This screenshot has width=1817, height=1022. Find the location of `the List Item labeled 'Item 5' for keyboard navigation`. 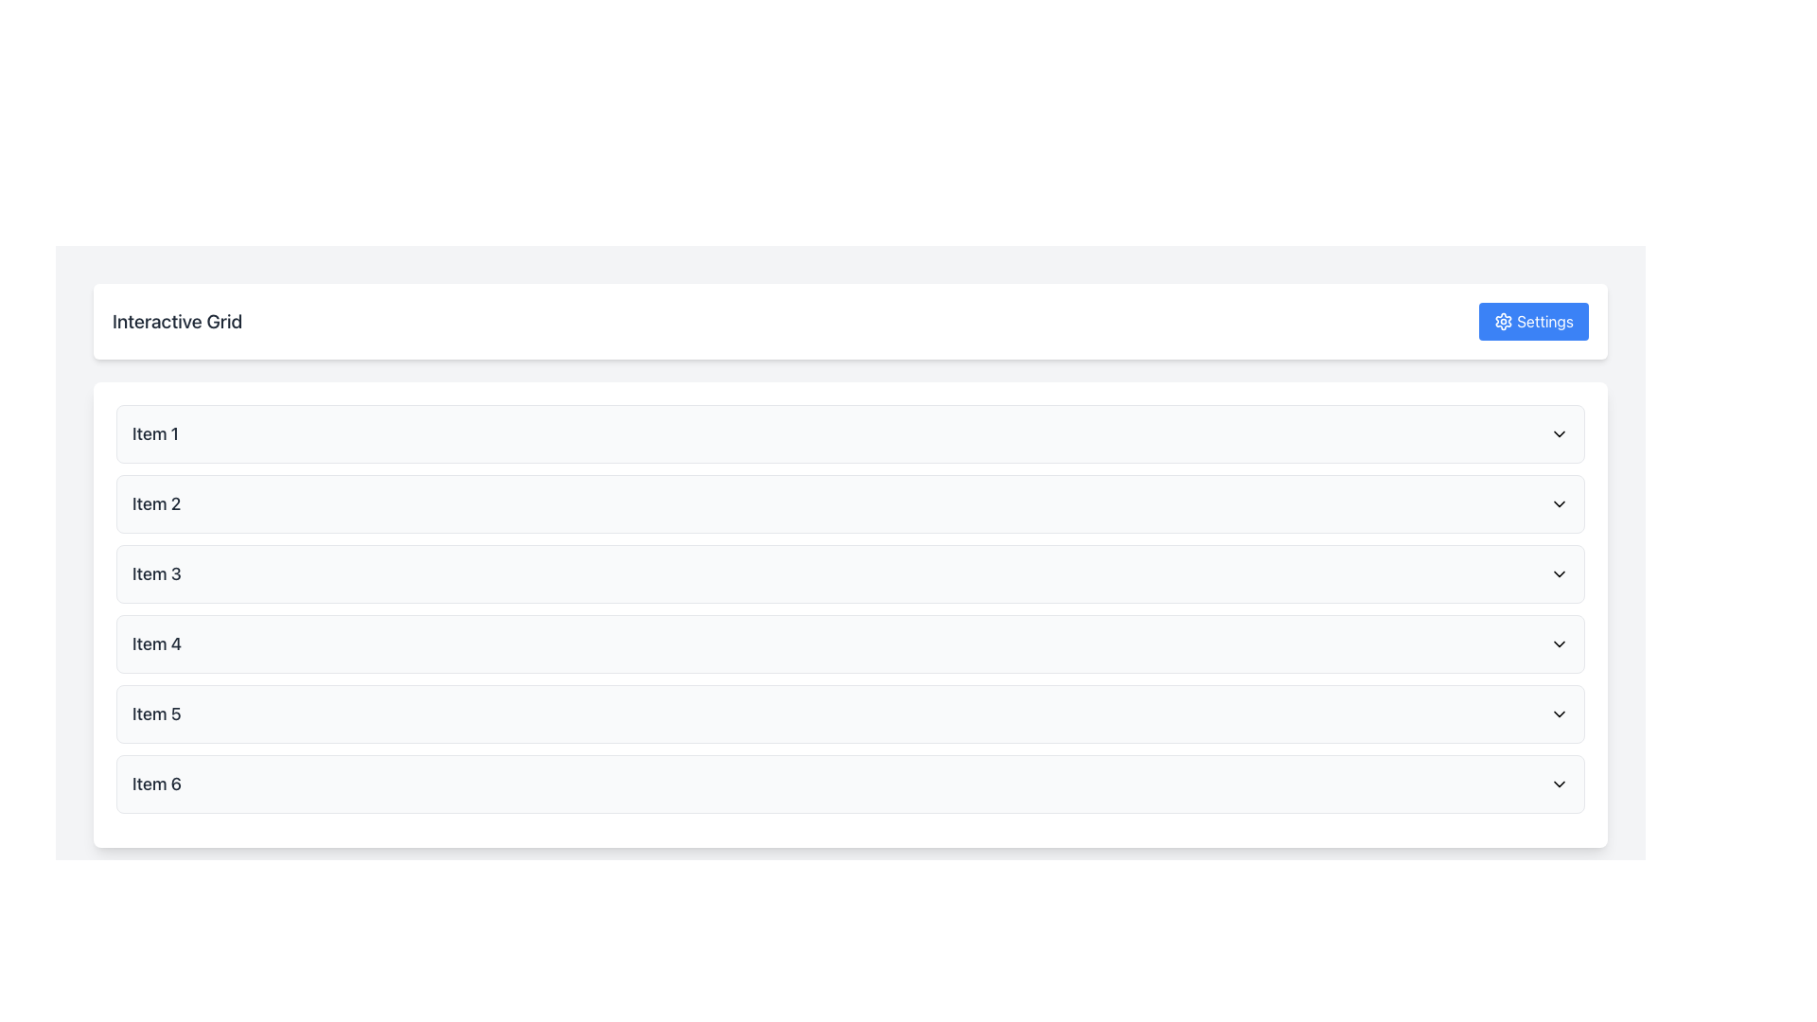

the List Item labeled 'Item 5' for keyboard navigation is located at coordinates (849, 714).